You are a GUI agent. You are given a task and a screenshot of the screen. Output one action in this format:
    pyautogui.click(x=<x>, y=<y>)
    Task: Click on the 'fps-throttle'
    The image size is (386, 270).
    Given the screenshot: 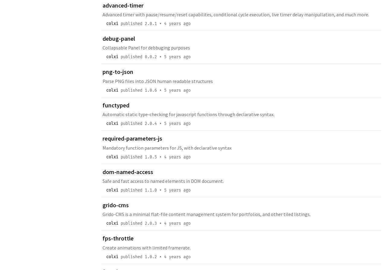 What is the action you would take?
    pyautogui.click(x=118, y=238)
    